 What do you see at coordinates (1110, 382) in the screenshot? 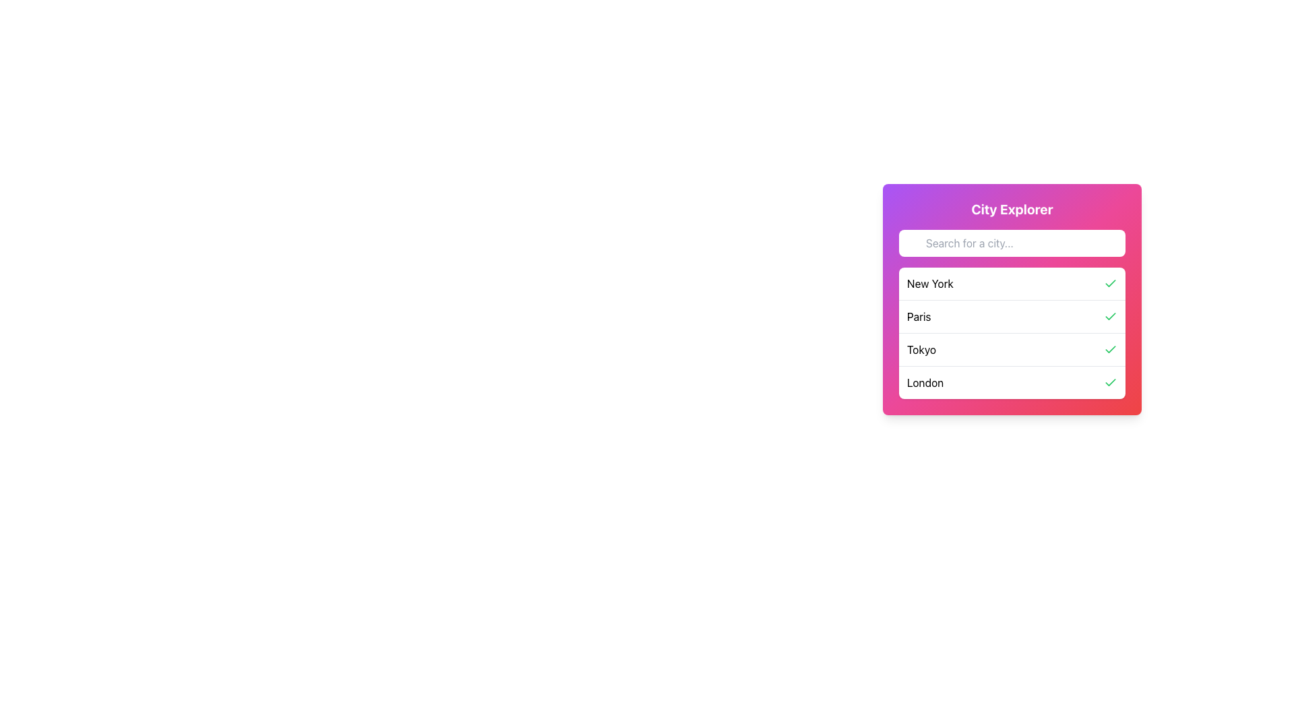
I see `the active selection icon indicating the 'London' option in the list, which is located on the far right end of the row labeled 'London'` at bounding box center [1110, 382].